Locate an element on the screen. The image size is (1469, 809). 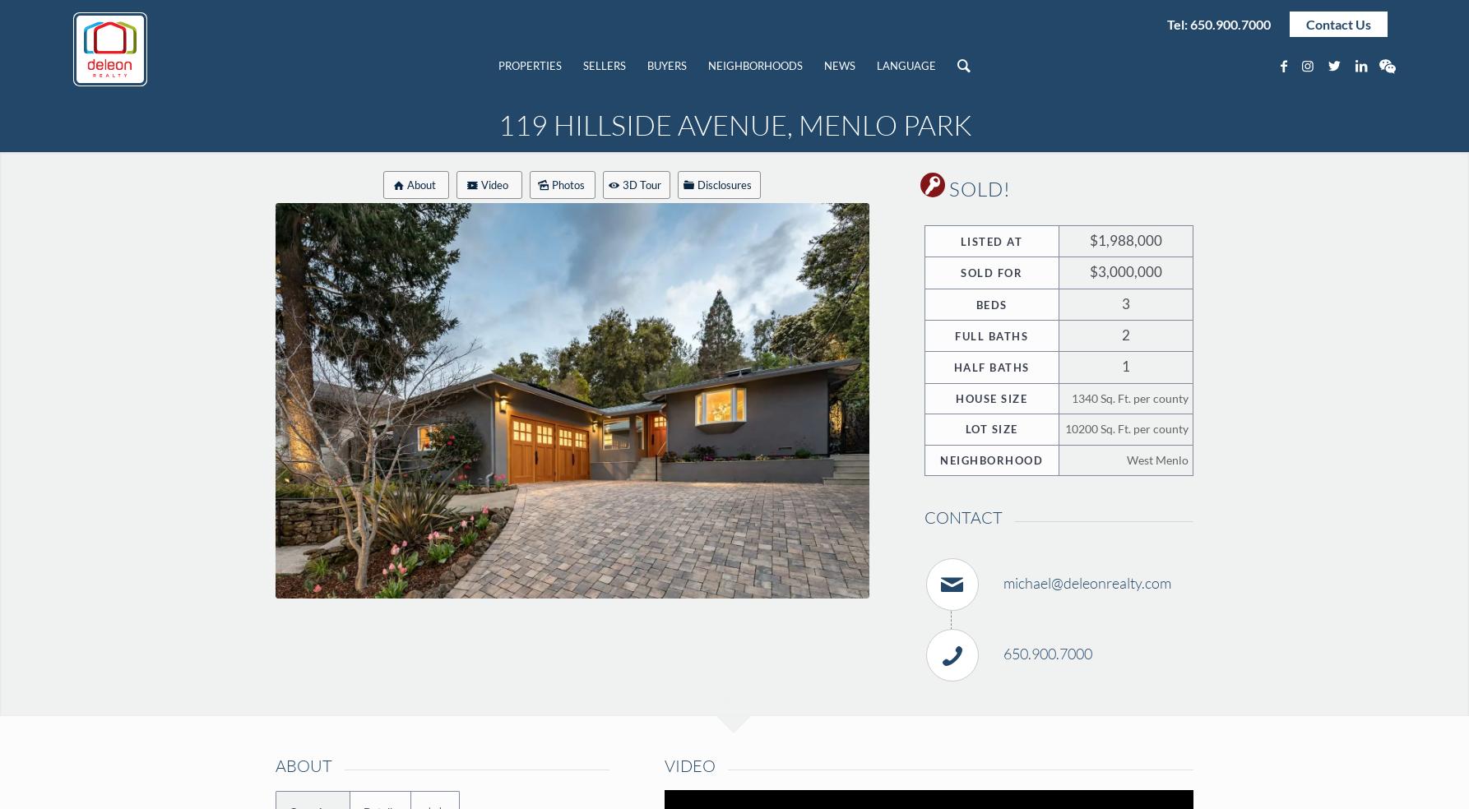
'10200 Sq. Ft. per county' is located at coordinates (1124, 428).